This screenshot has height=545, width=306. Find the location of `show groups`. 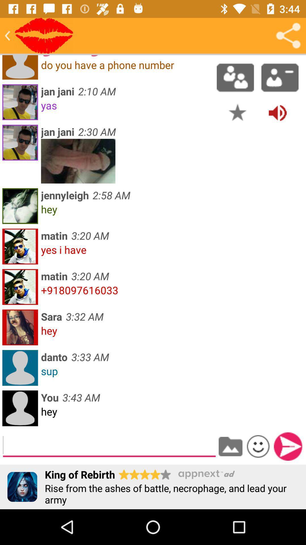

show groups is located at coordinates (235, 77).